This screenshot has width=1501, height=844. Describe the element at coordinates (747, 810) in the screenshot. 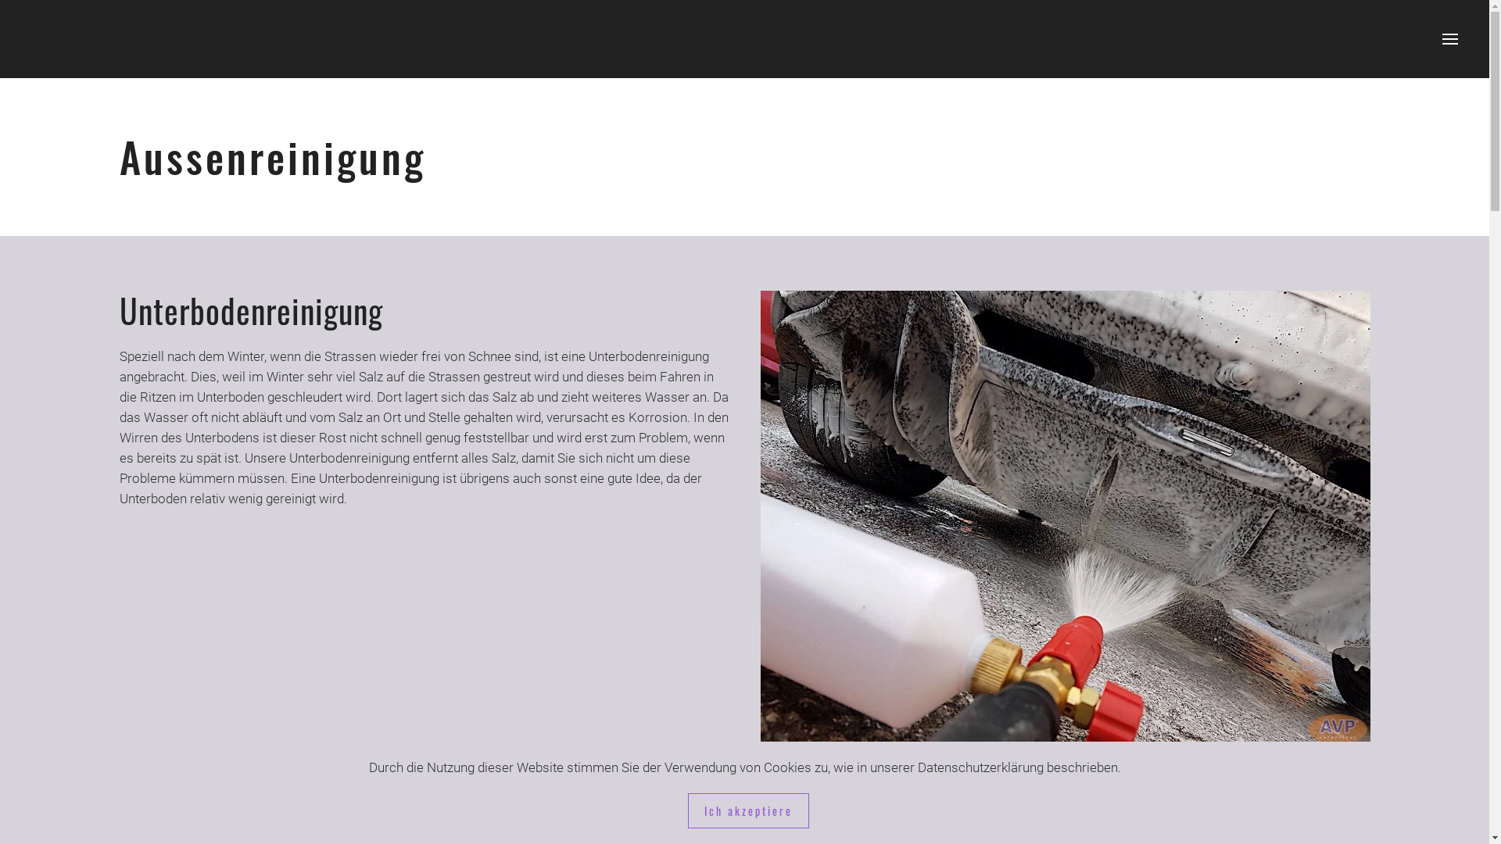

I see `'Ich akzeptiere'` at that location.